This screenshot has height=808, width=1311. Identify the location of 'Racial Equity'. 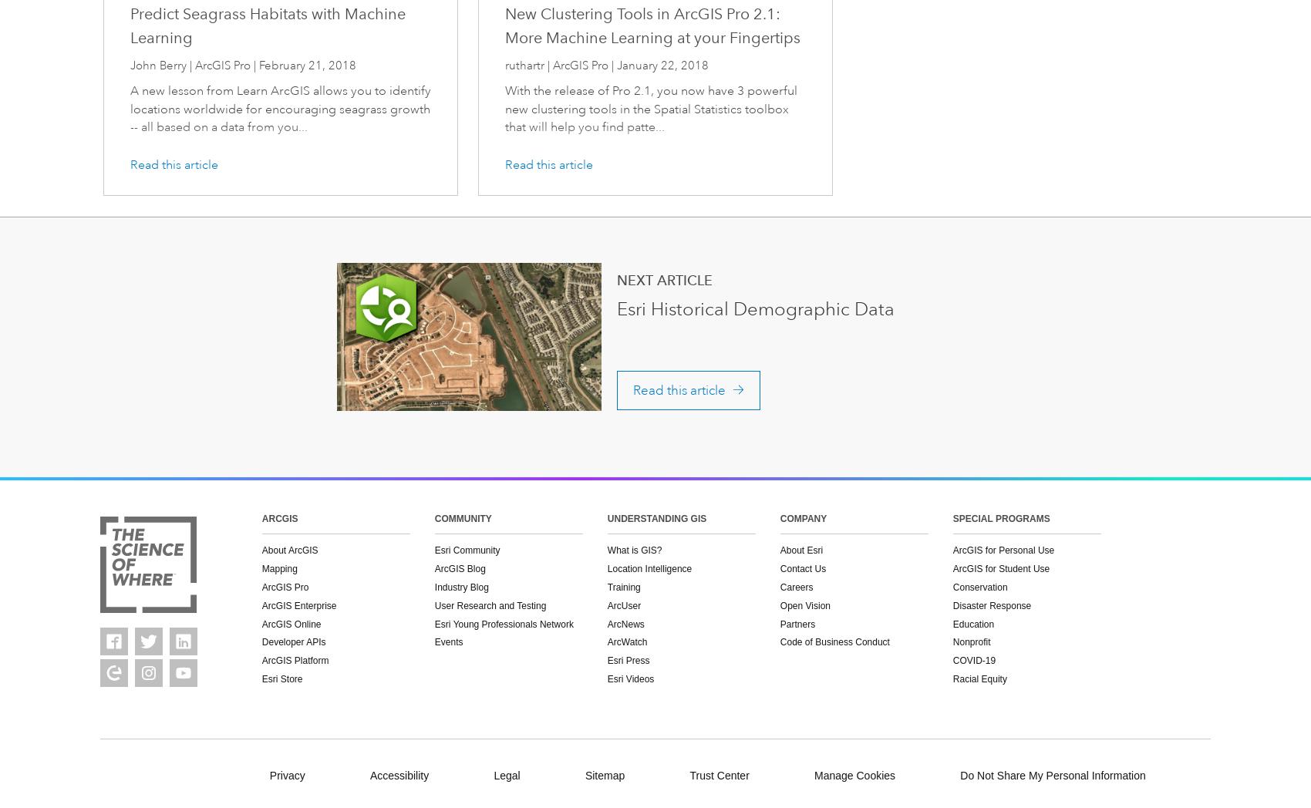
(979, 678).